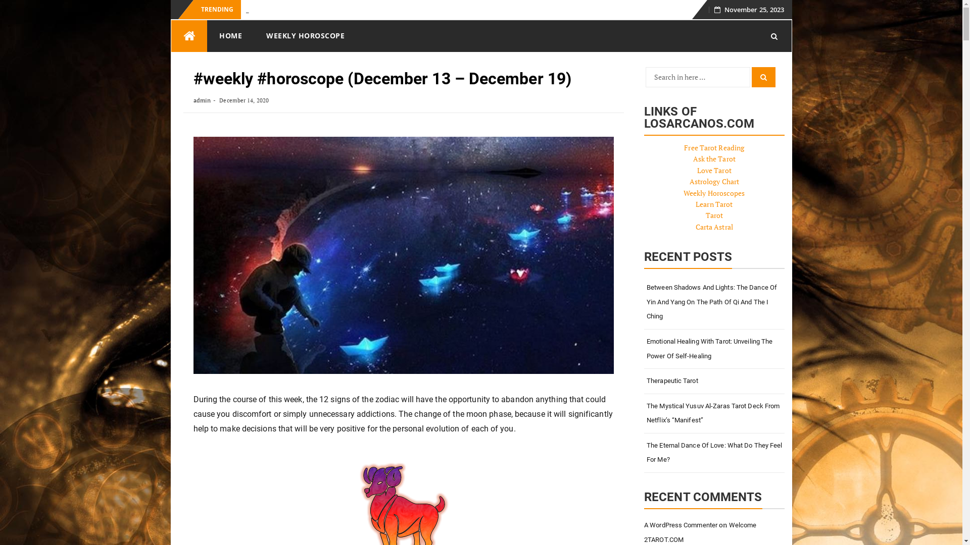 This screenshot has width=970, height=545. I want to click on 'Free Tarot Reading', so click(713, 147).